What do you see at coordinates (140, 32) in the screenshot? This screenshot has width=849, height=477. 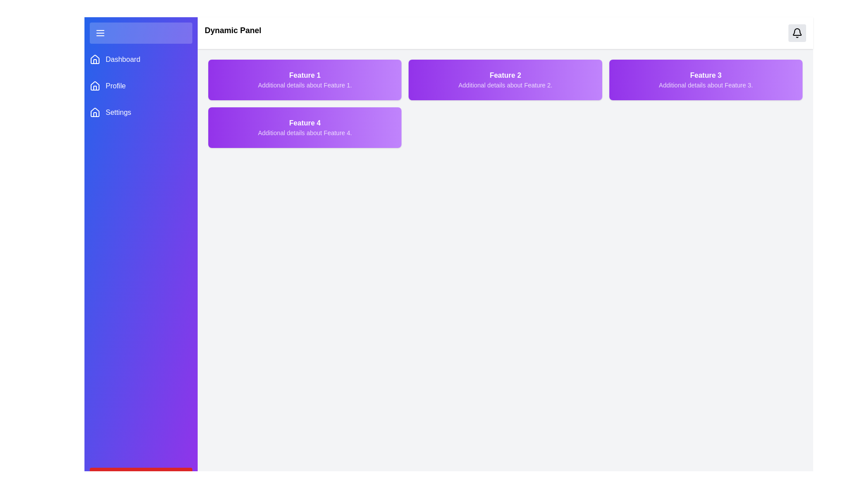 I see `the hamburger menu button located at the top of the sidebar to visualize the hover effects` at bounding box center [140, 32].